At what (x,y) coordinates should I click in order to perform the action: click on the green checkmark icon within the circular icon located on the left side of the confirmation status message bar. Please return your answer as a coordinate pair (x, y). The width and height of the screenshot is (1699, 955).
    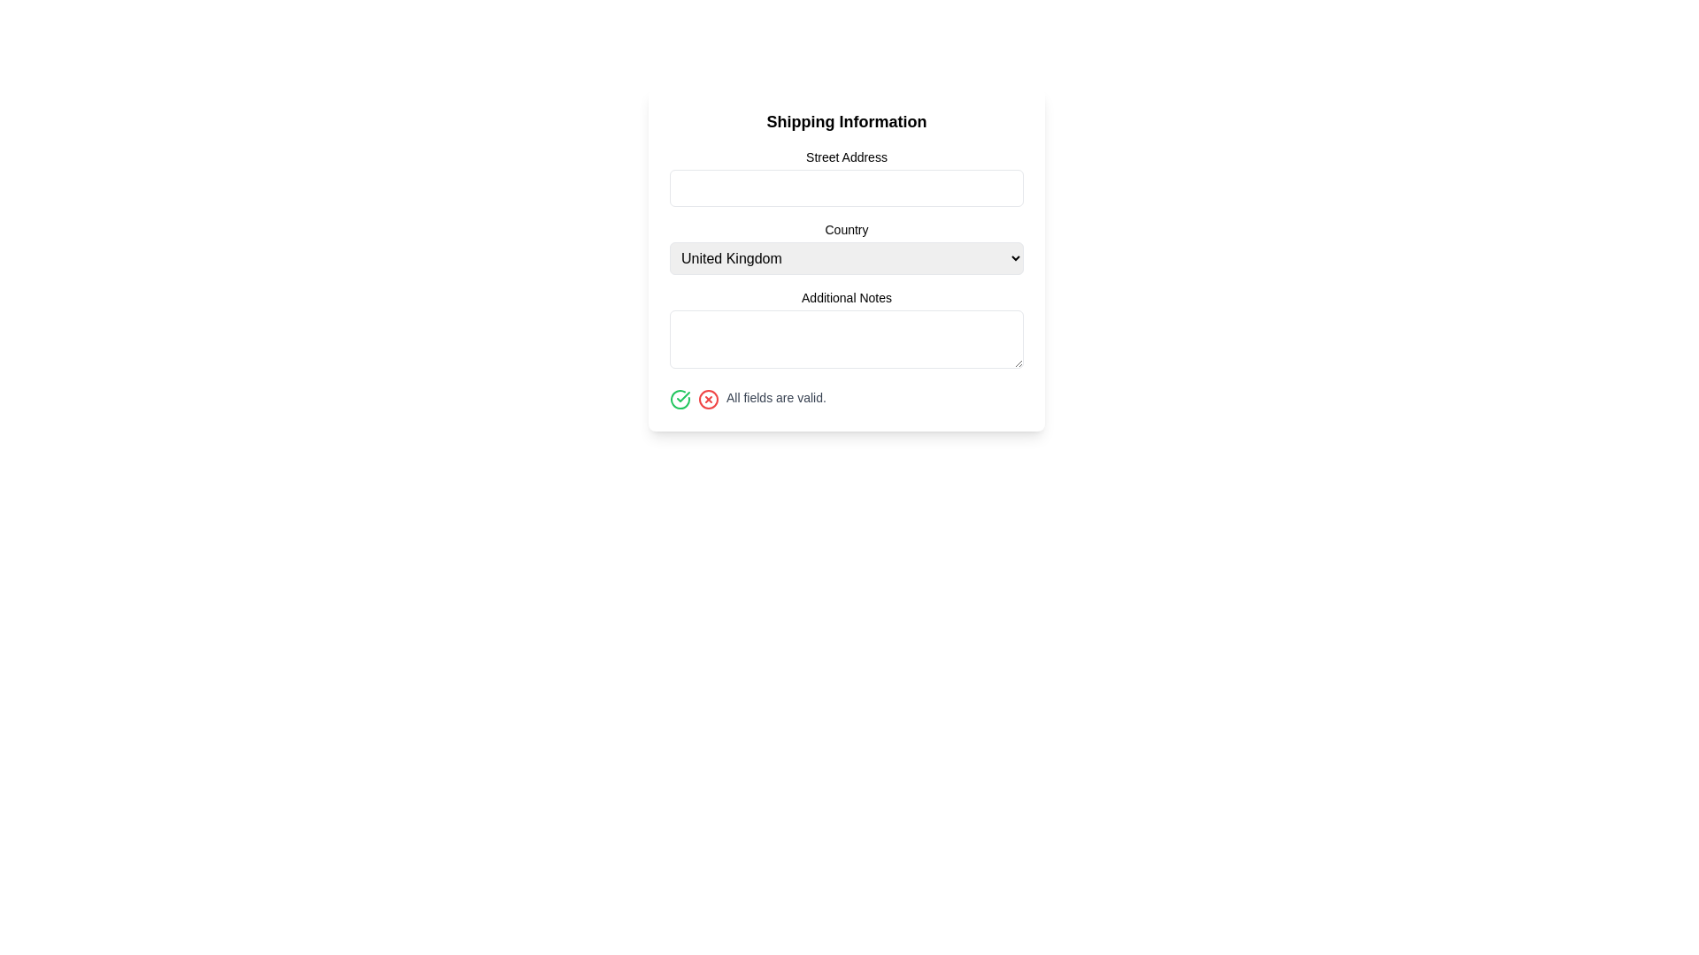
    Looking at the image, I should click on (682, 395).